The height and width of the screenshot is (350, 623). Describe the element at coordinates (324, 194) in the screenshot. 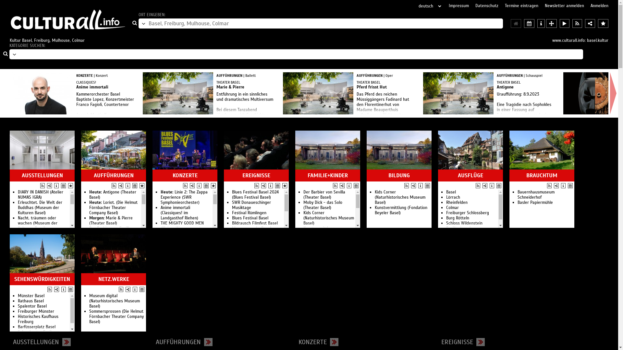

I see `'Der Barbier von Sevilla (Theater Basel)'` at that location.